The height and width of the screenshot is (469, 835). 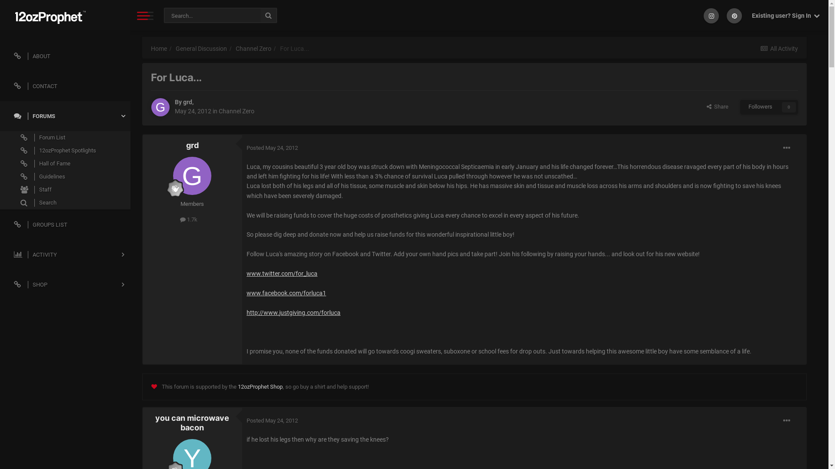 I want to click on 'FORUMS', so click(x=64, y=116).